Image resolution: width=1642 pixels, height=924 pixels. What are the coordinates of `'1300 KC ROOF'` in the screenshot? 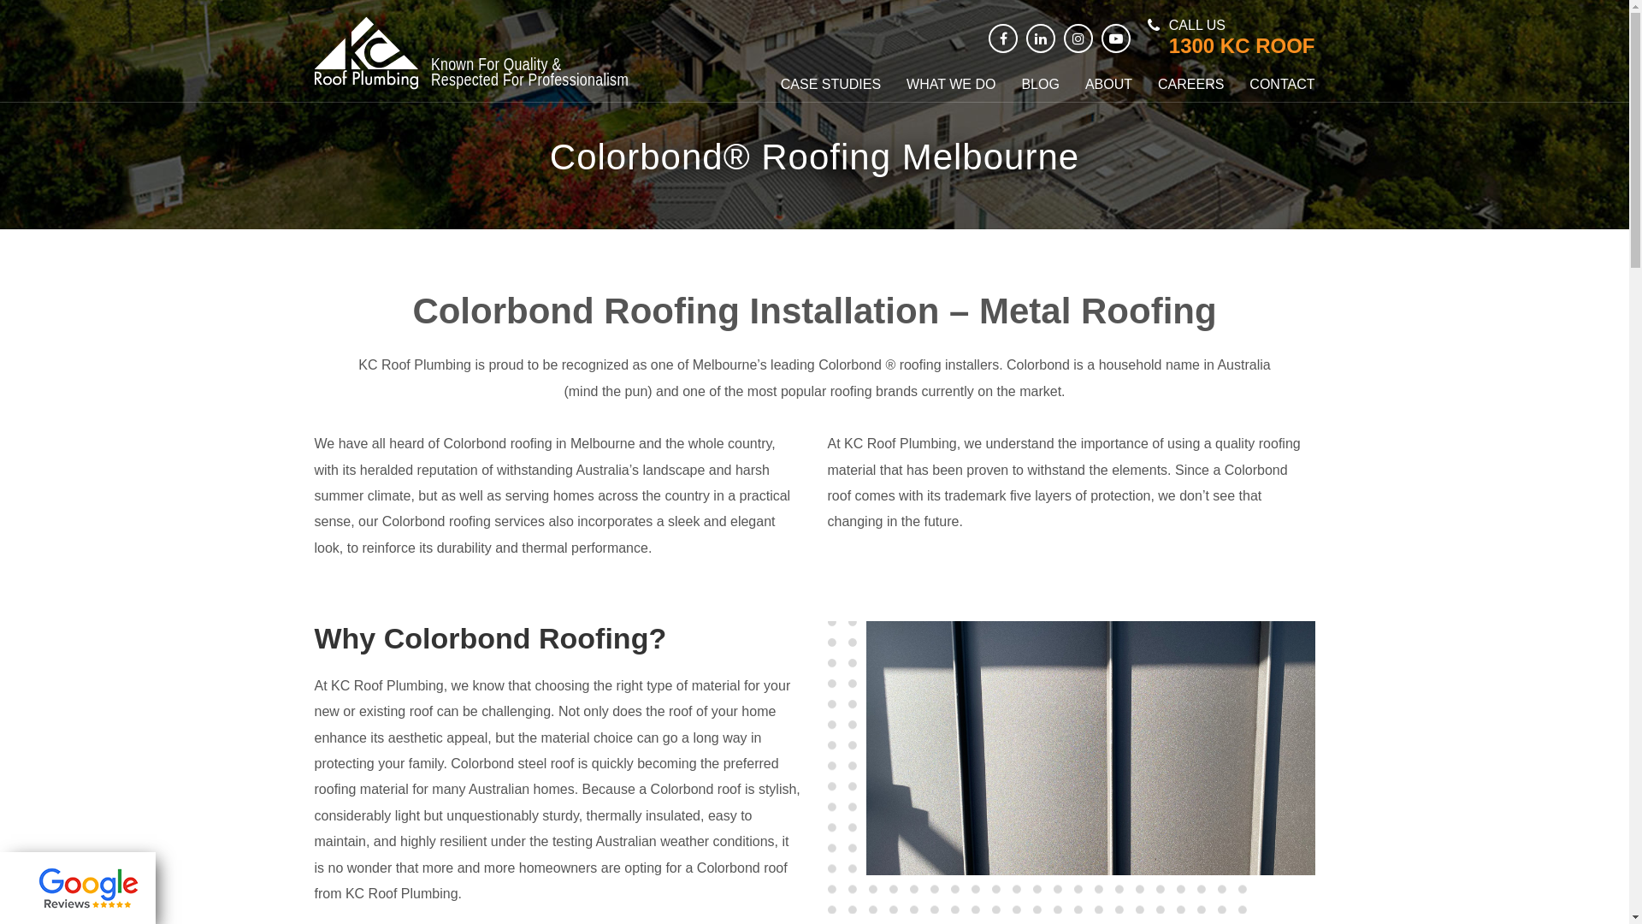 It's located at (1242, 44).